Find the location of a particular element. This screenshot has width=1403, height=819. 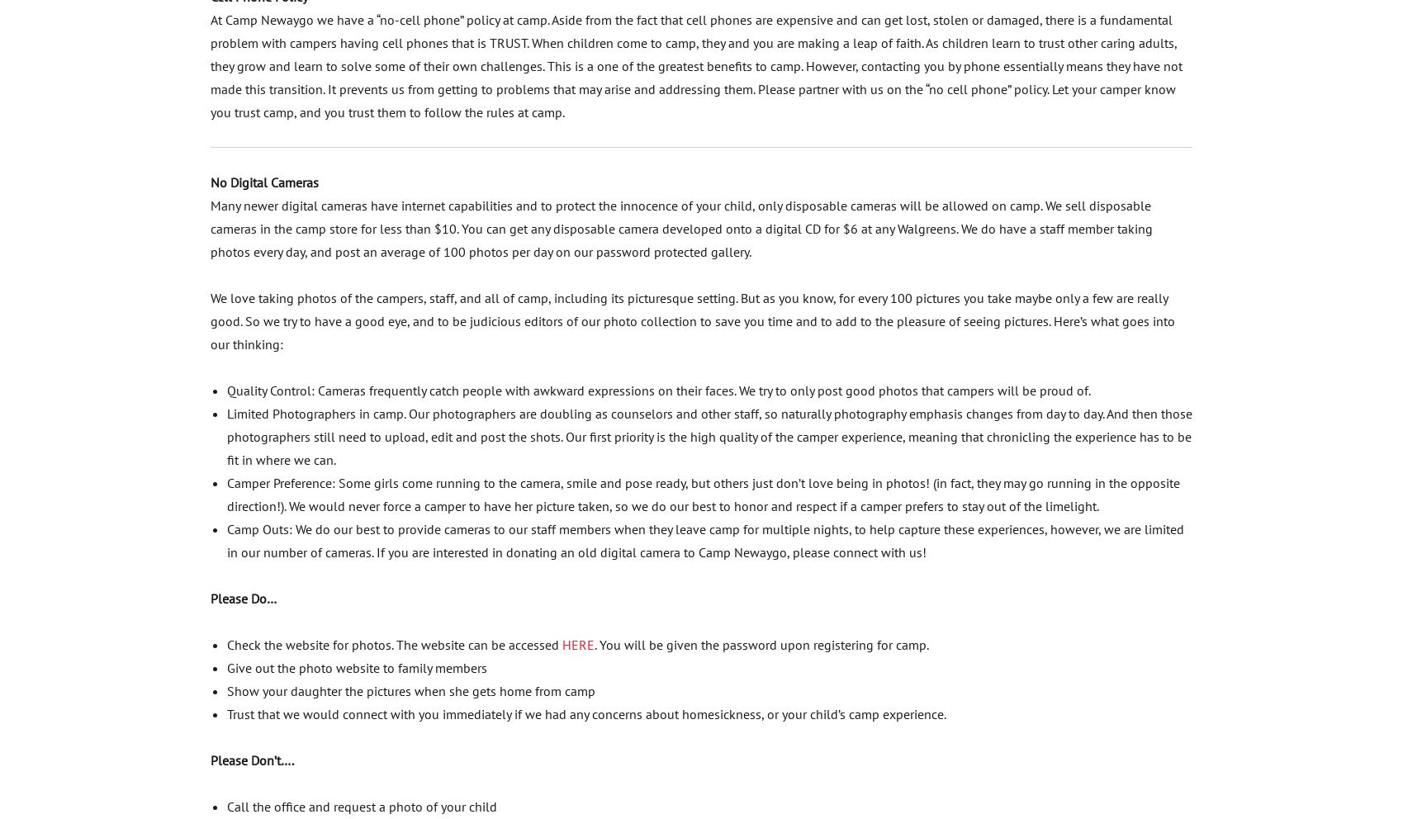

'Call the office and request a photo of your child' is located at coordinates (361, 806).